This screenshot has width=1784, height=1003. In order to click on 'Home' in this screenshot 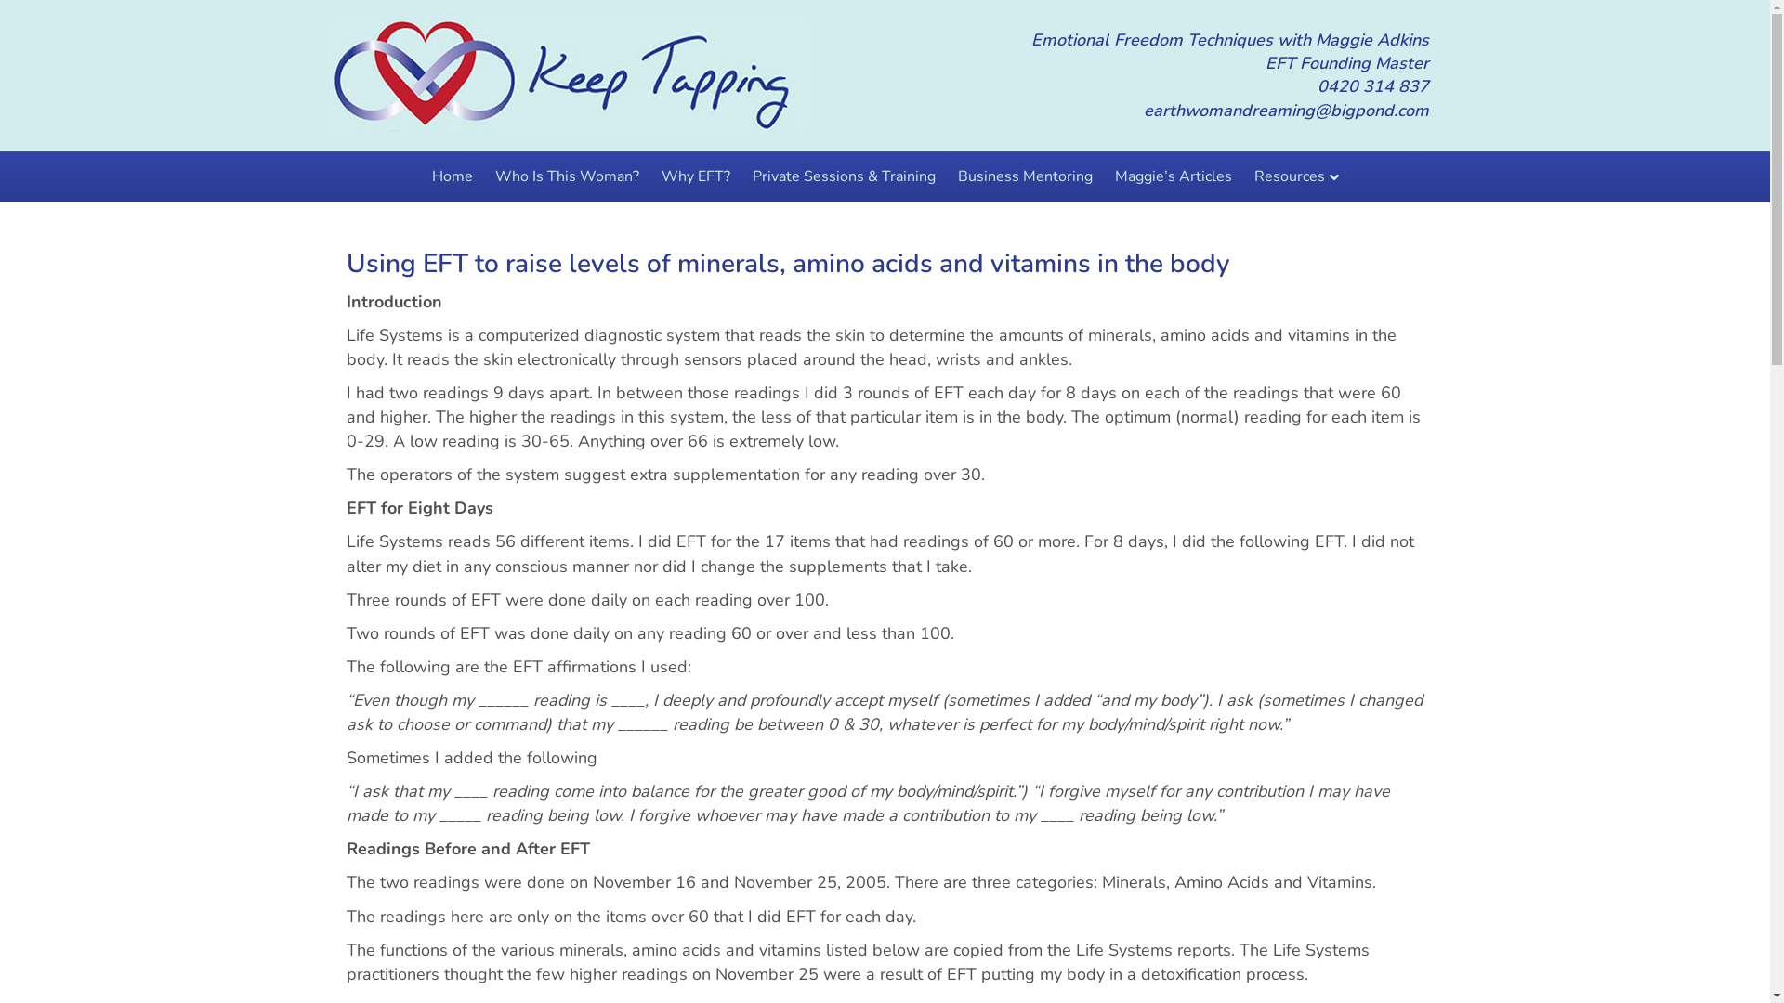, I will do `click(451, 176)`.